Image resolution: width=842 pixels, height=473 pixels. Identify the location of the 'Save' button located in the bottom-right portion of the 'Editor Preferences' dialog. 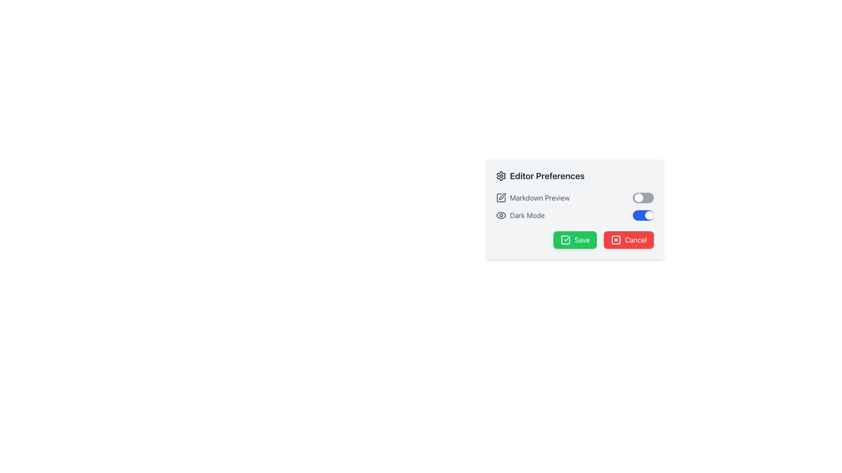
(575, 240).